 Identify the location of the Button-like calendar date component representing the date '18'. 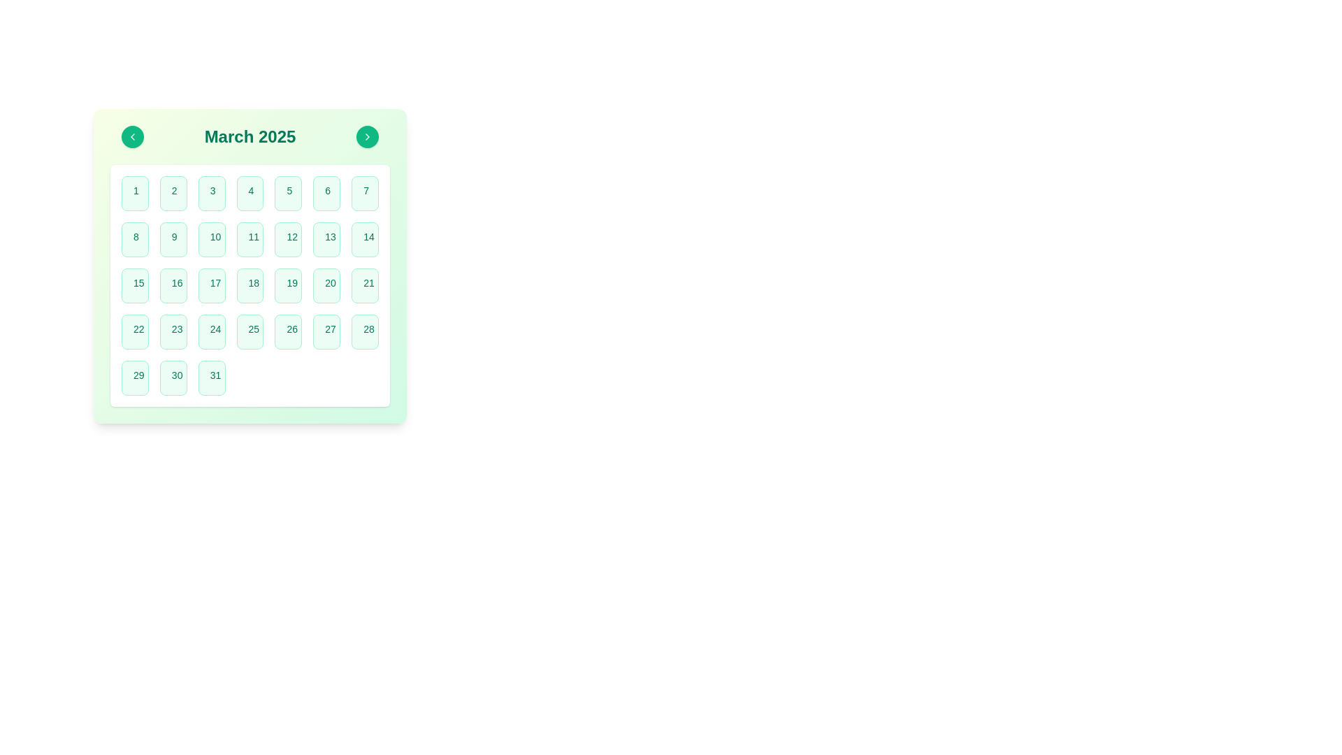
(250, 285).